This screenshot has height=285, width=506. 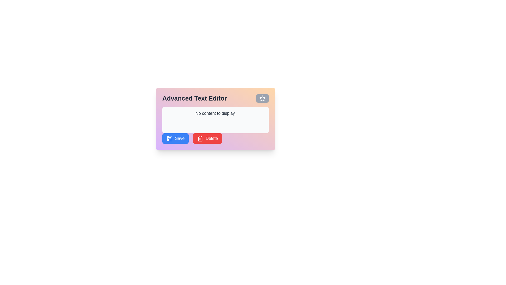 I want to click on the 'Save' button with a blue background and white text to observe the color change effect, so click(x=176, y=138).